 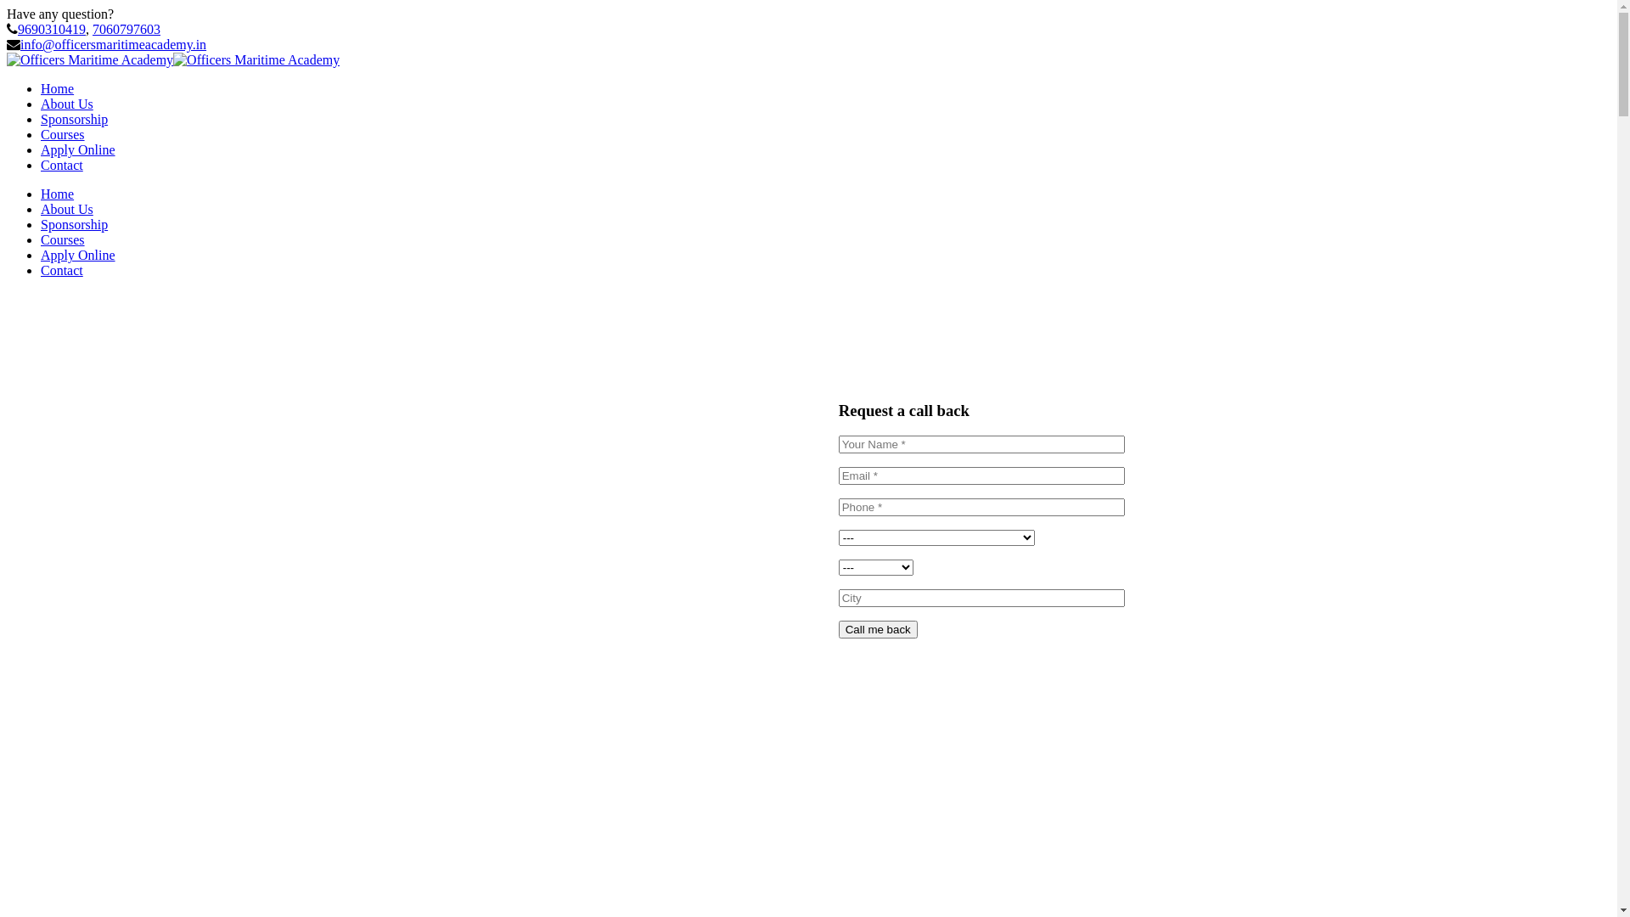 What do you see at coordinates (61, 269) in the screenshot?
I see `'Contact'` at bounding box center [61, 269].